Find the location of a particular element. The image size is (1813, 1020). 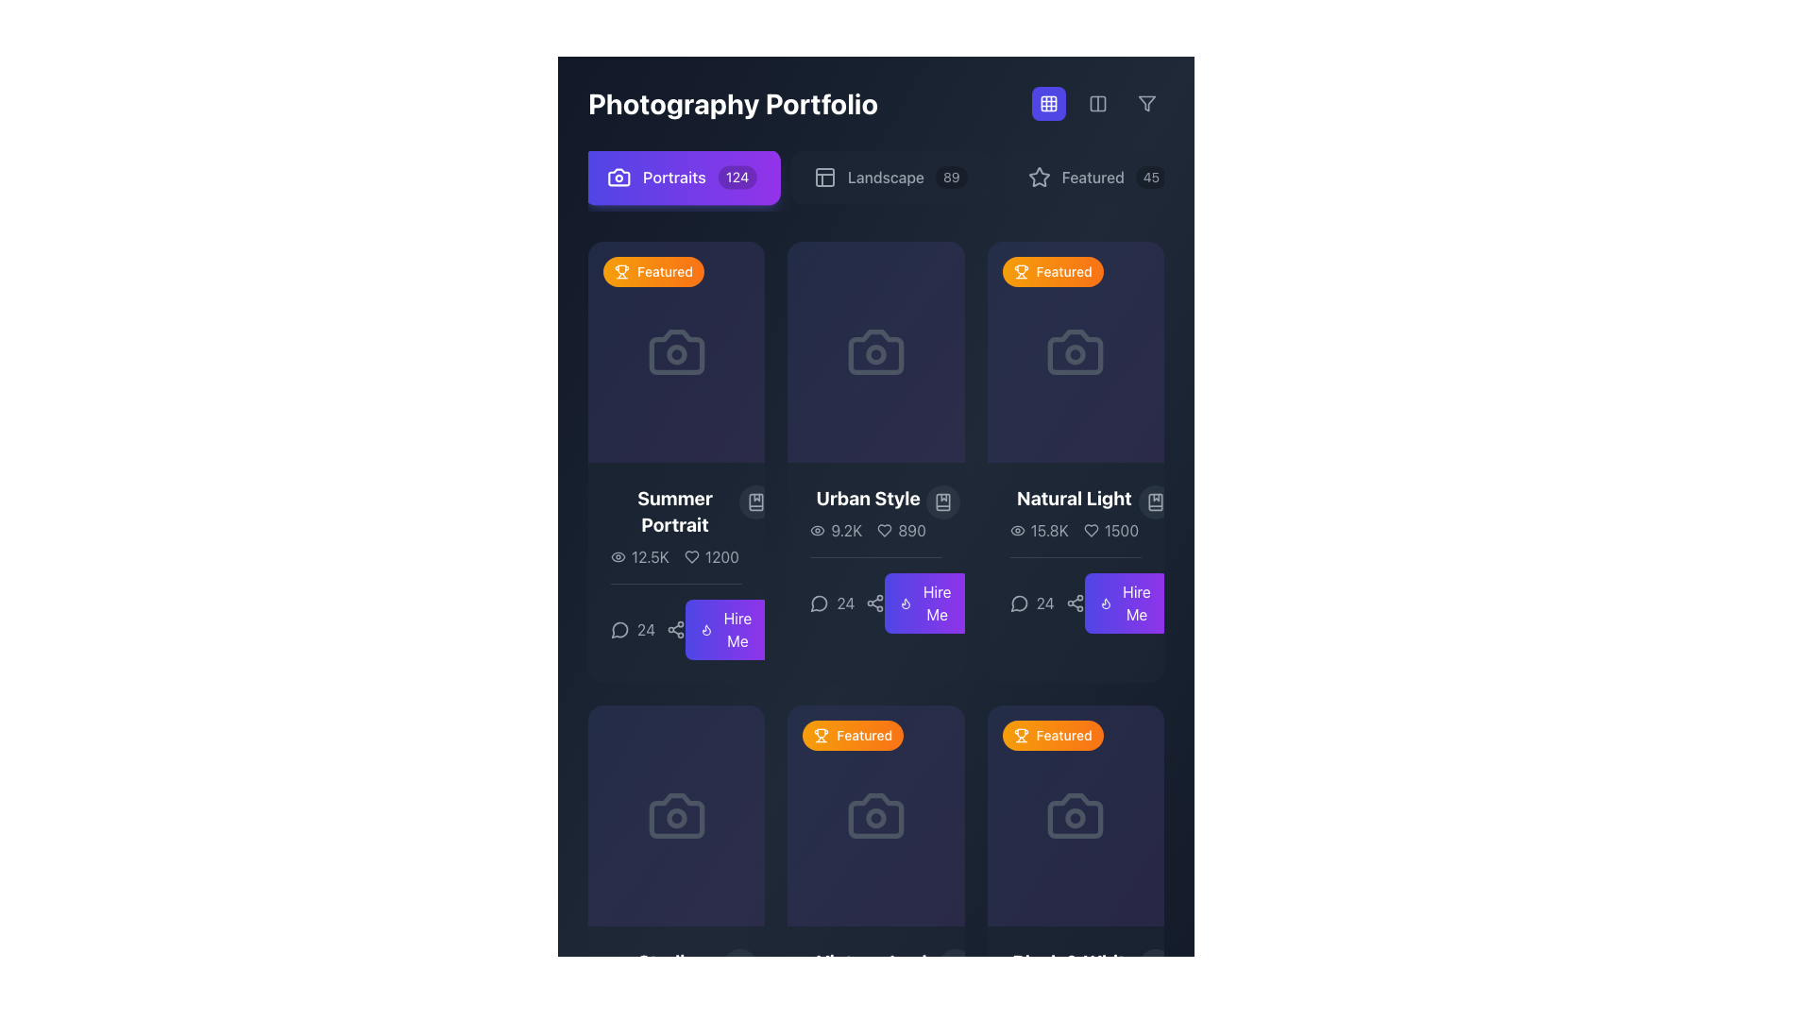

the trophy-like vector graphic icon filled with solid orange color, located in the upper-left corner of the 'Featured' label on the content card is located at coordinates (621, 269).